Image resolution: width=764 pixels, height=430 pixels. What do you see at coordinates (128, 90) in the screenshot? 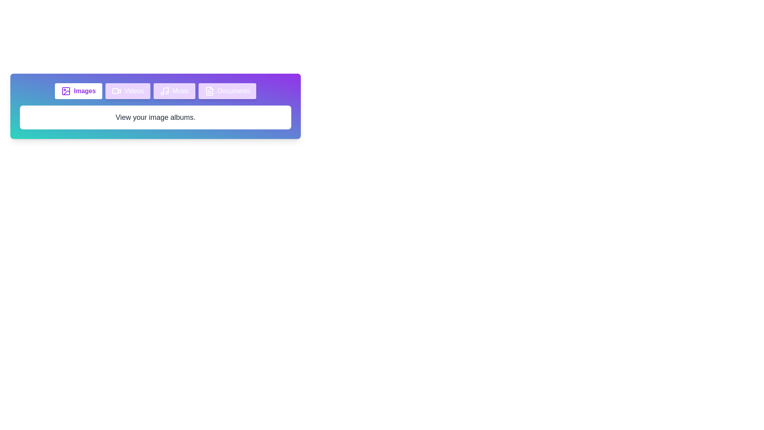
I see `the Videos tab to view its content` at bounding box center [128, 90].